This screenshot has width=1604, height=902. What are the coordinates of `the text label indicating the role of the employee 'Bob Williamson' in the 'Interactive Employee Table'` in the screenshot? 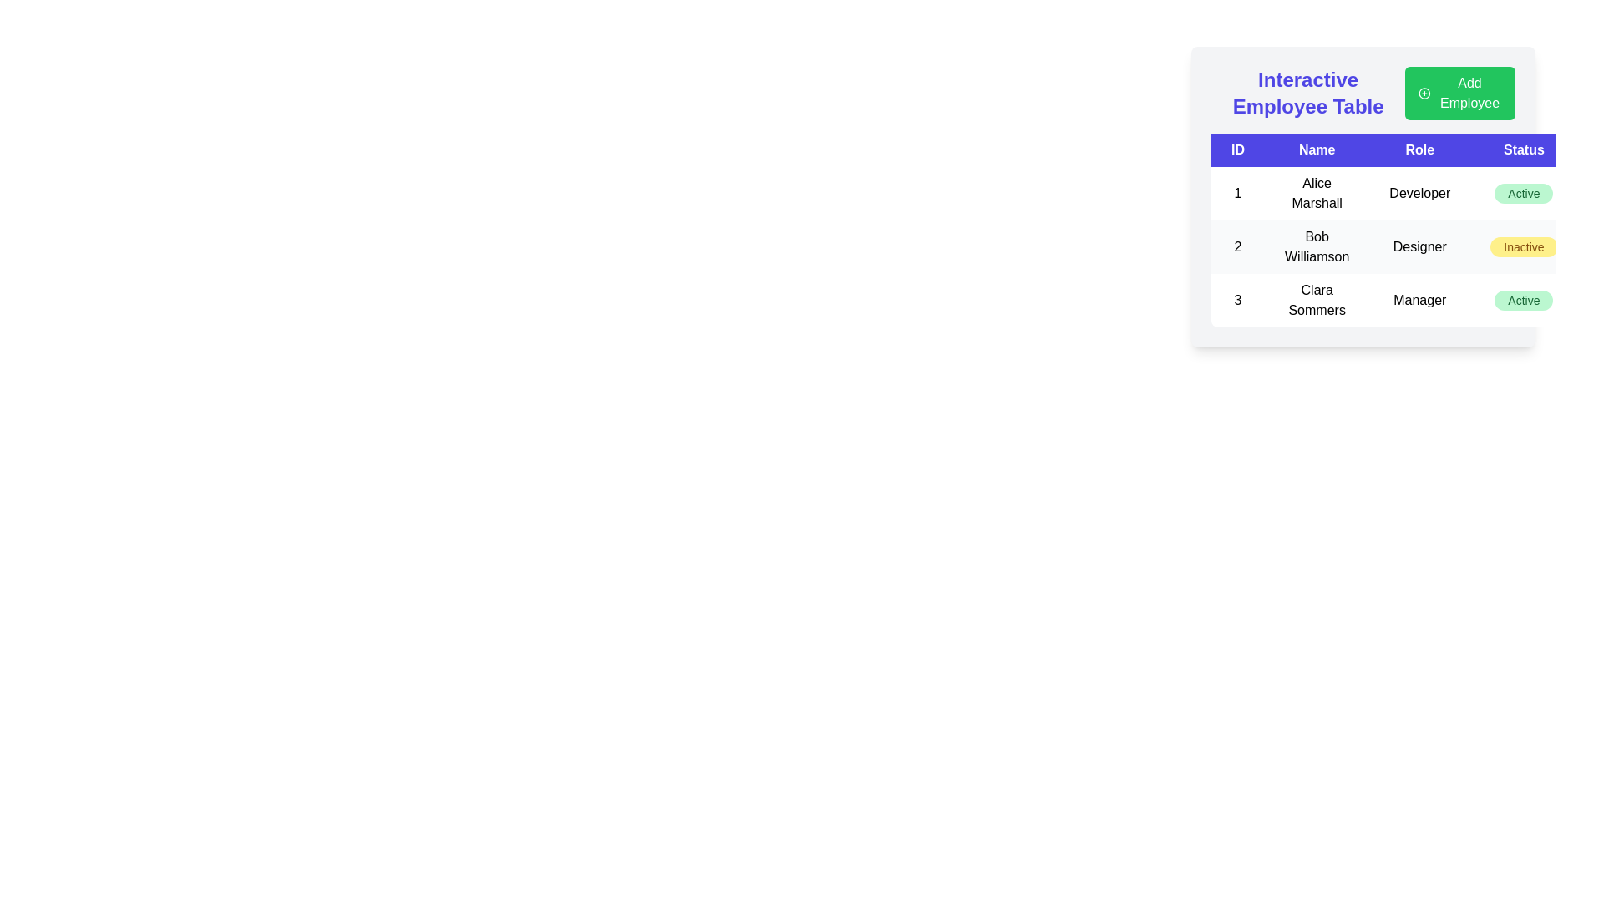 It's located at (1419, 247).